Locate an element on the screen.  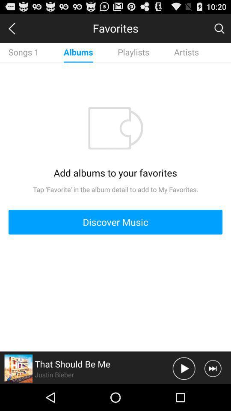
the skip_next icon is located at coordinates (212, 394).